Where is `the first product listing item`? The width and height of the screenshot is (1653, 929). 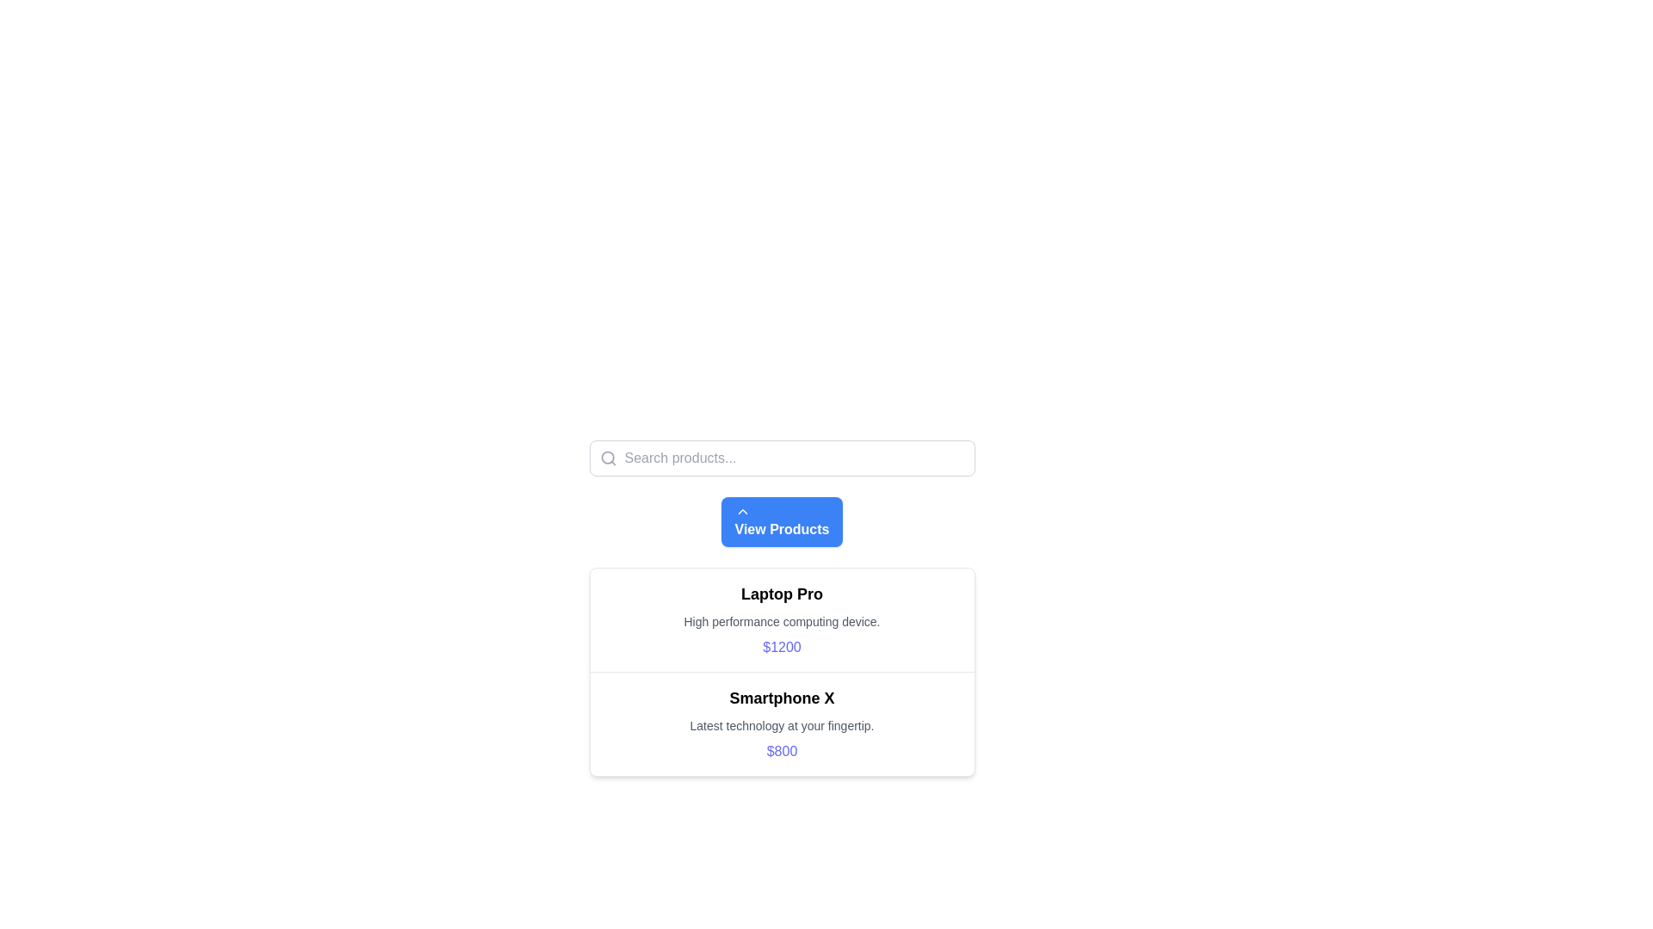
the first product listing item is located at coordinates (781, 620).